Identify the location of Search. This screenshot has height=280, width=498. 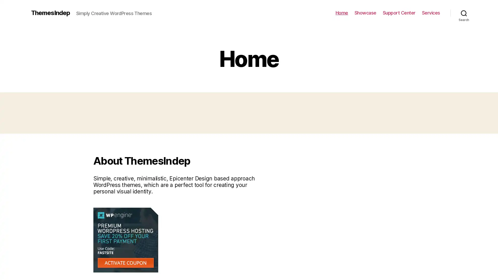
(464, 13).